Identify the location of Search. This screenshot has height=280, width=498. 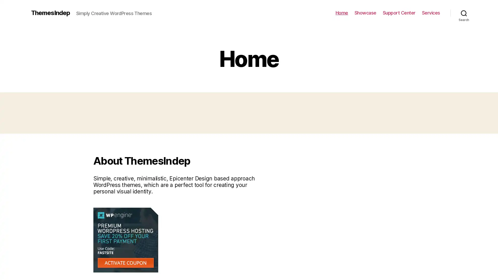
(464, 13).